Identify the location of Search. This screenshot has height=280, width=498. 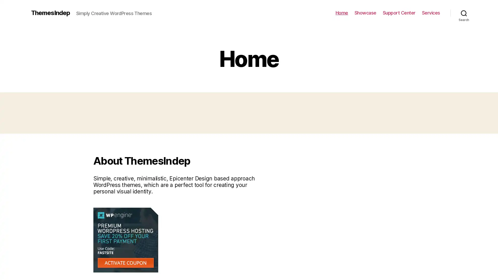
(464, 13).